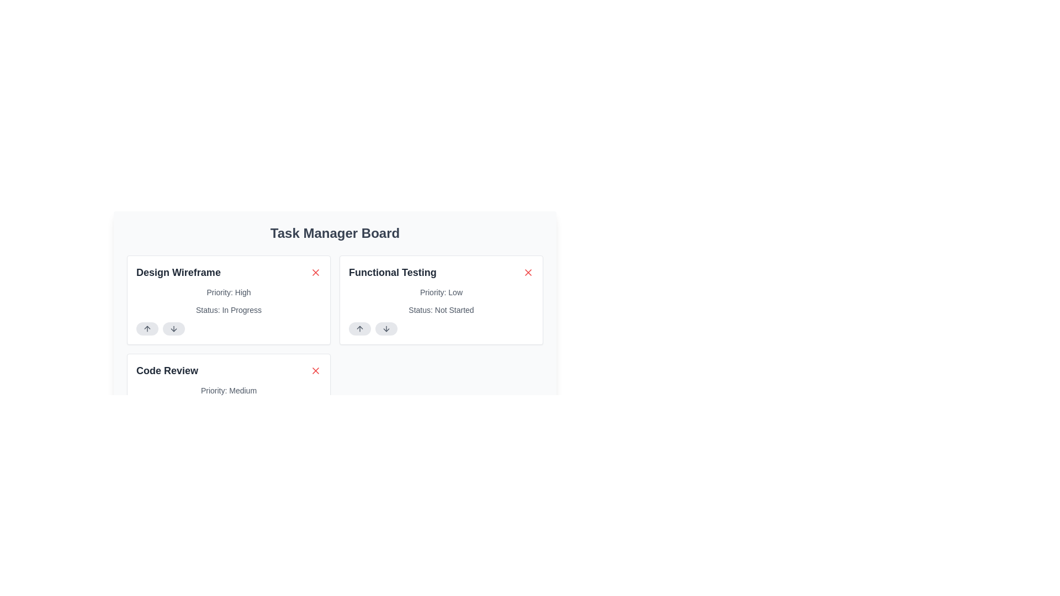 Image resolution: width=1060 pixels, height=596 pixels. Describe the element at coordinates (147, 328) in the screenshot. I see `the upward arrow icon button located at the bottom of the 'Design Wireframe' card in the task manager board for keyboard navigation` at that location.